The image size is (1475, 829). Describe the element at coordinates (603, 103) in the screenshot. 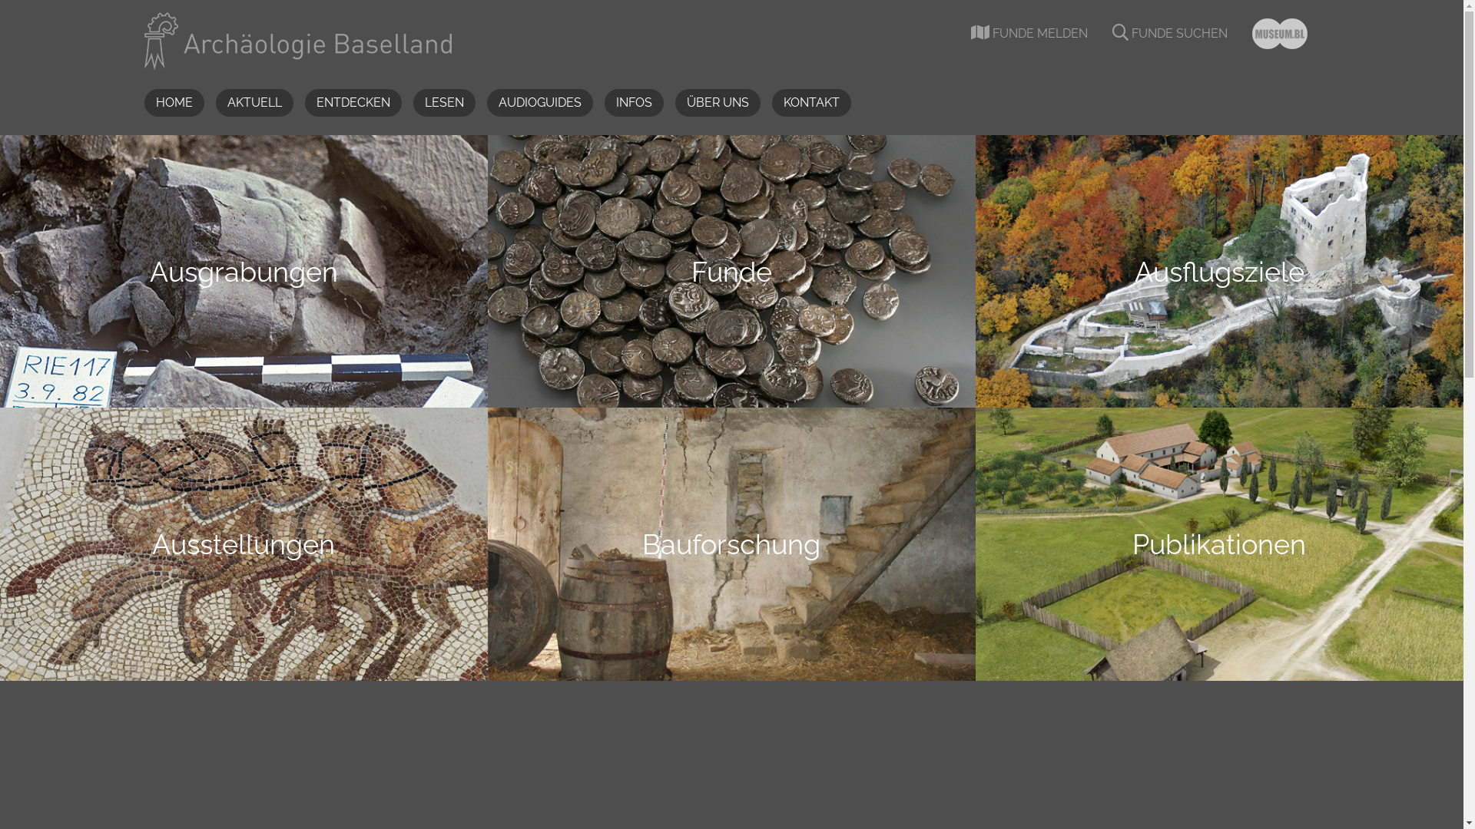

I see `'INFOS'` at that location.